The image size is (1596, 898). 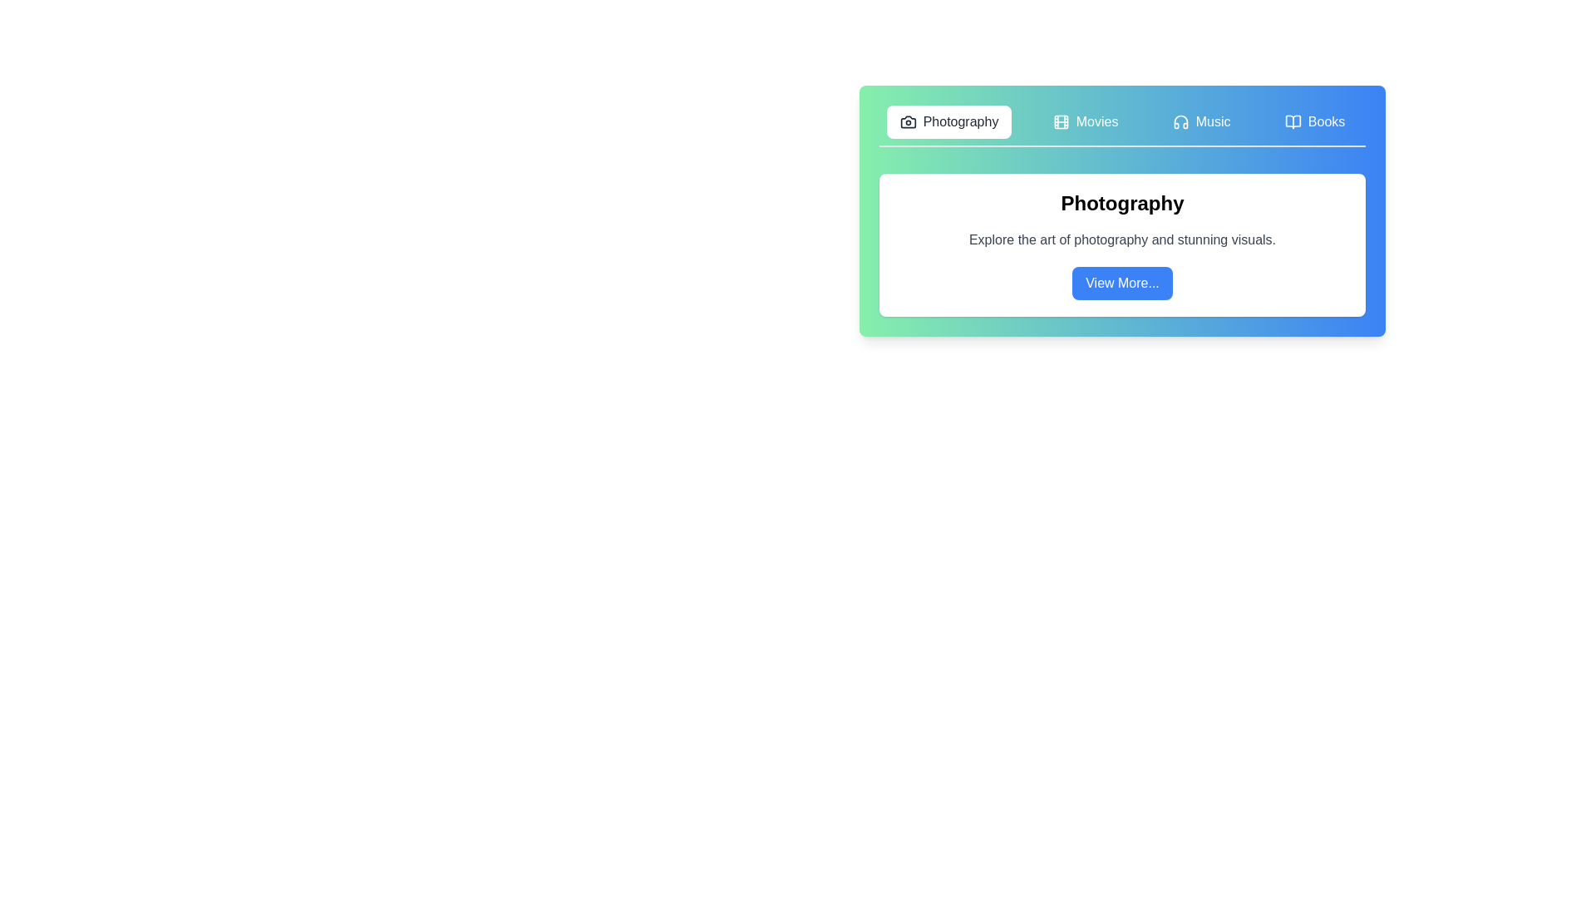 I want to click on the 'View More...' button to explore additional details, so click(x=1122, y=282).